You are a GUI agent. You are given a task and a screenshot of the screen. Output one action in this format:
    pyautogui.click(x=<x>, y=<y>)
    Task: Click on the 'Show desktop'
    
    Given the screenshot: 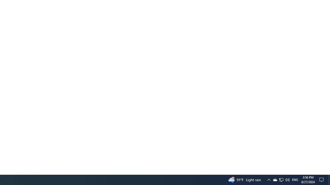 What is the action you would take?
    pyautogui.click(x=329, y=179)
    